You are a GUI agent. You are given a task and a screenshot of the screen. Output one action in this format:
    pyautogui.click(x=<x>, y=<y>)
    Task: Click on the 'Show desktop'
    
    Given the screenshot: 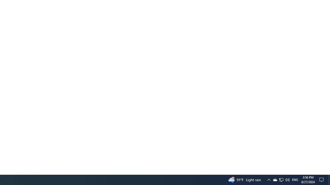 What is the action you would take?
    pyautogui.click(x=329, y=179)
    